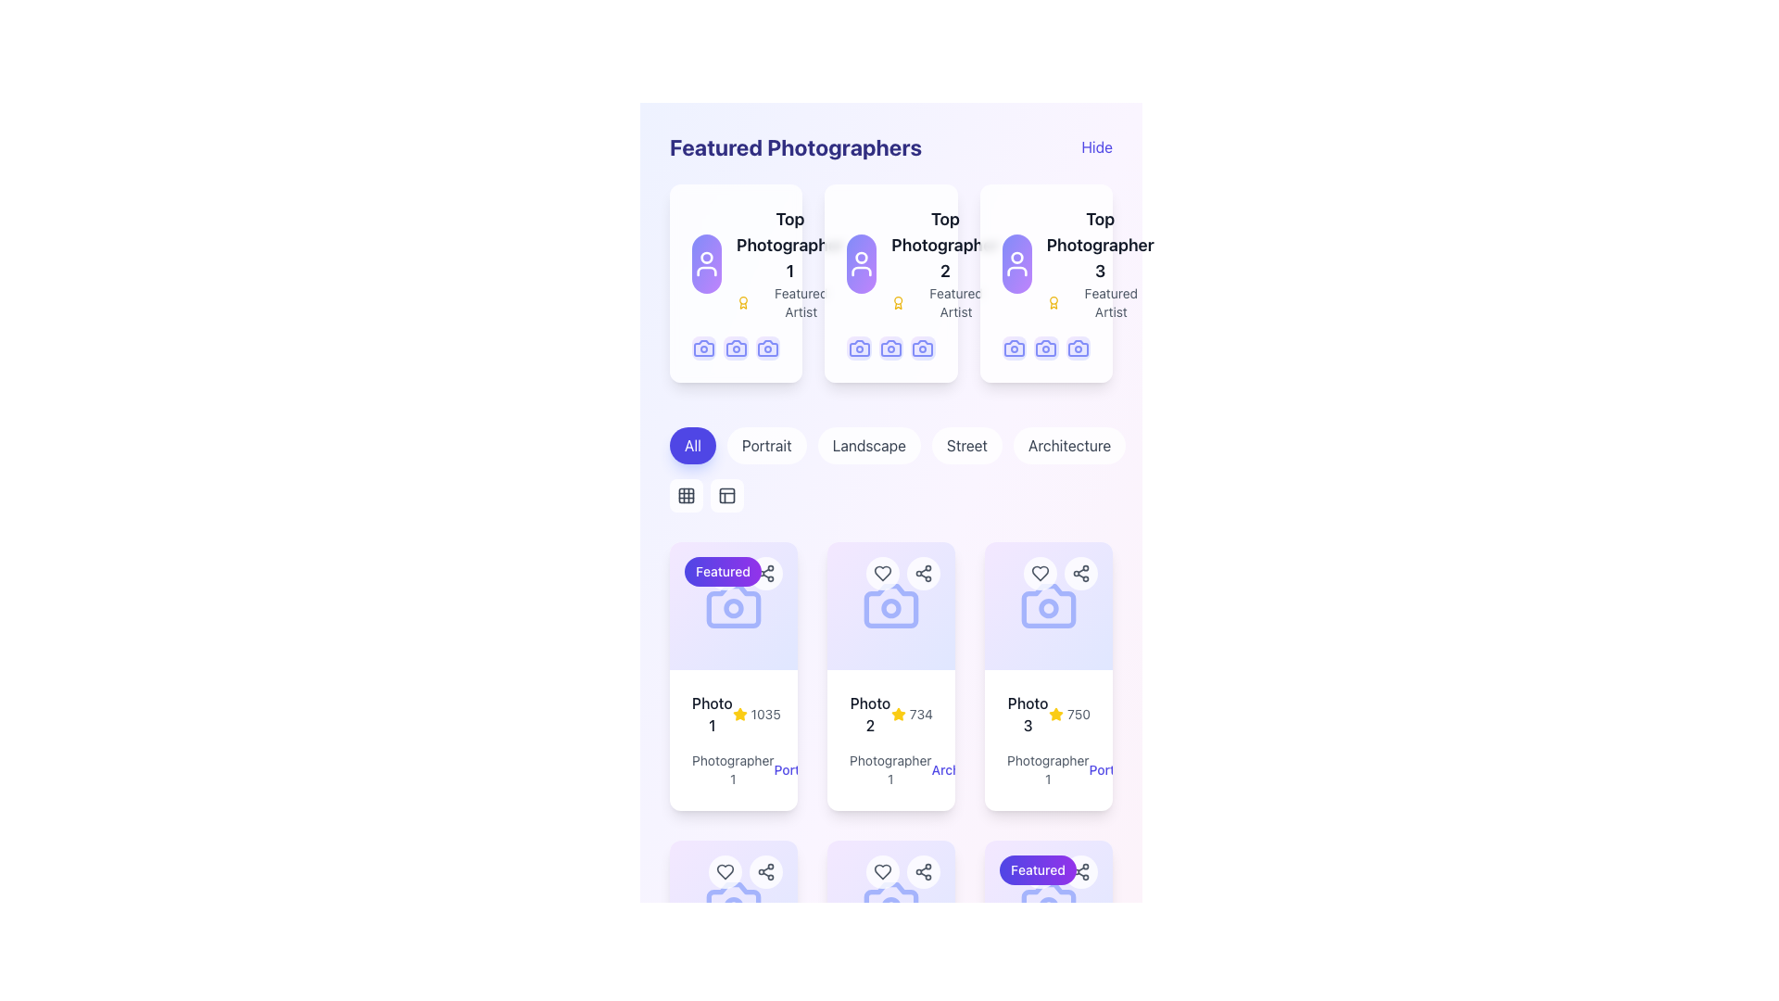  What do you see at coordinates (765, 872) in the screenshot?
I see `the circular share button with a three-node network icon in the center` at bounding box center [765, 872].